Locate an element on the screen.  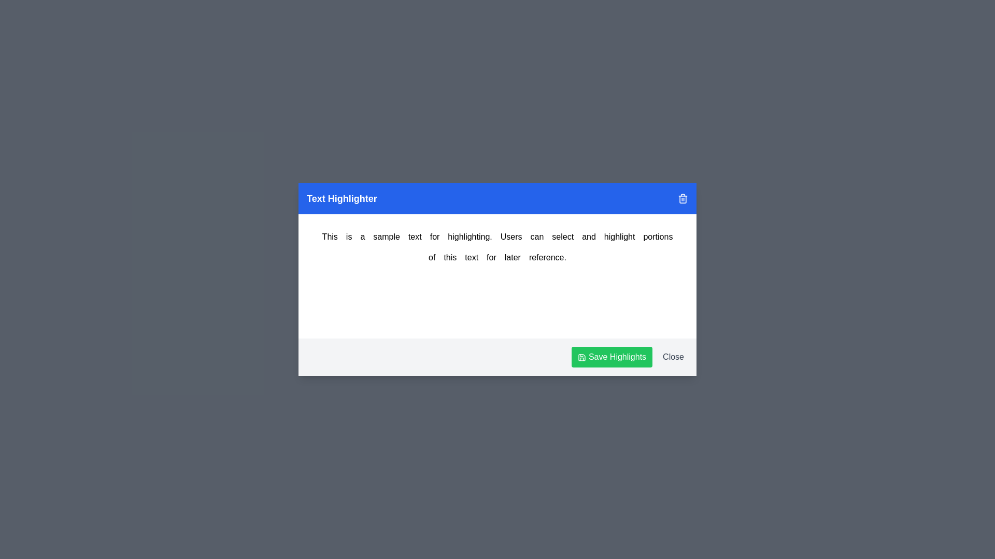
the word 'this' by clicking on it is located at coordinates (450, 257).